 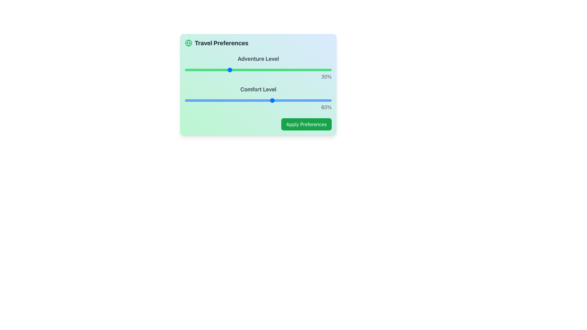 I want to click on the text label titled 'Travel Preferences' which is styled in bold and darker gray, located near the upper part of the interface, next to a green globe icon, so click(x=216, y=43).